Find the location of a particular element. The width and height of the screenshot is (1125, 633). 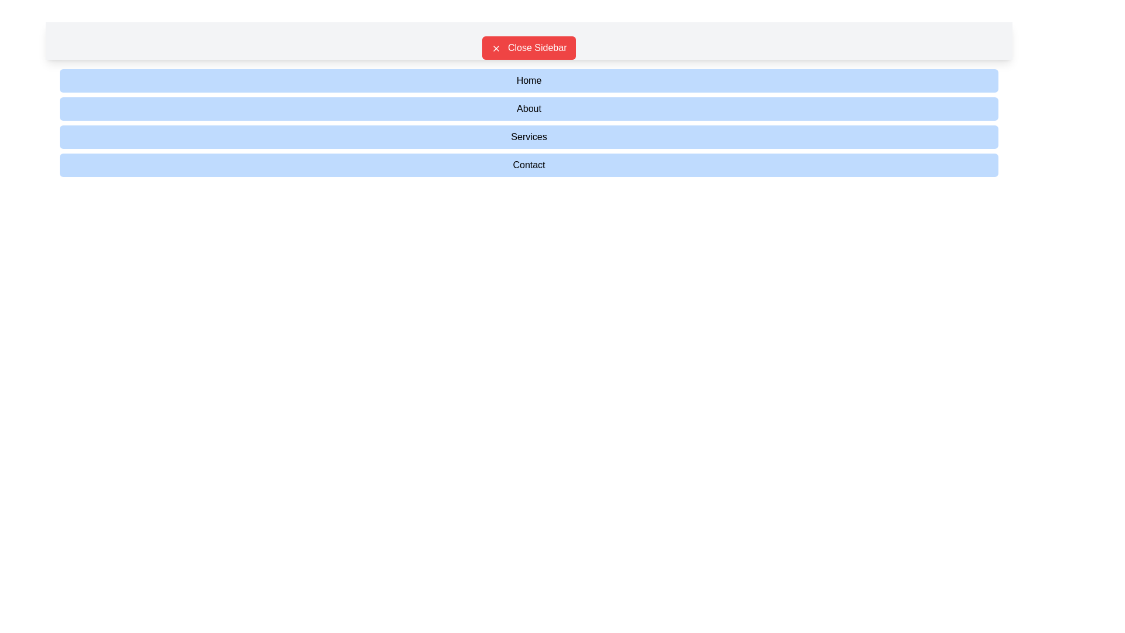

the text label 'EnhancedNavBar' which is styled in bold, white font and is centrally positioned in the navigation bar is located at coordinates (506, 40).